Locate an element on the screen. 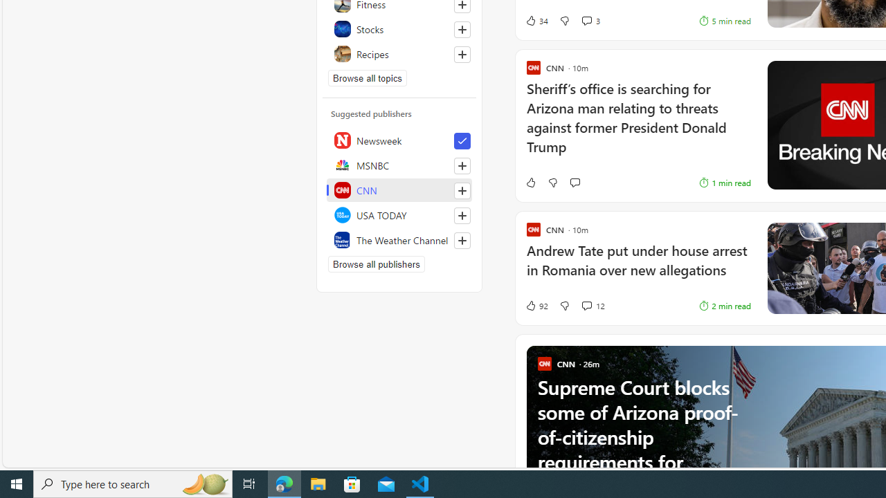 This screenshot has height=498, width=886. 'Recipes' is located at coordinates (399, 53).